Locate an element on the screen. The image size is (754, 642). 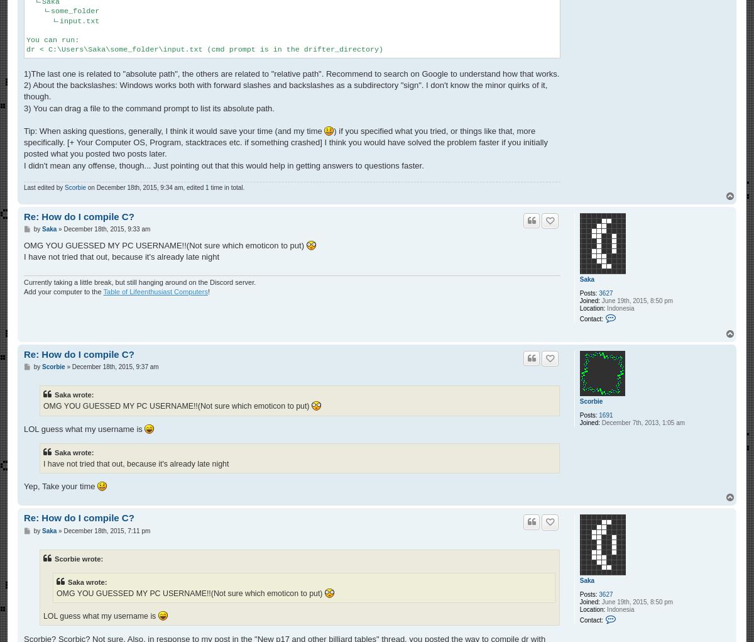
'on December 18th, 2015, 9:34 am, edited 1 time in total.' is located at coordinates (164, 187).